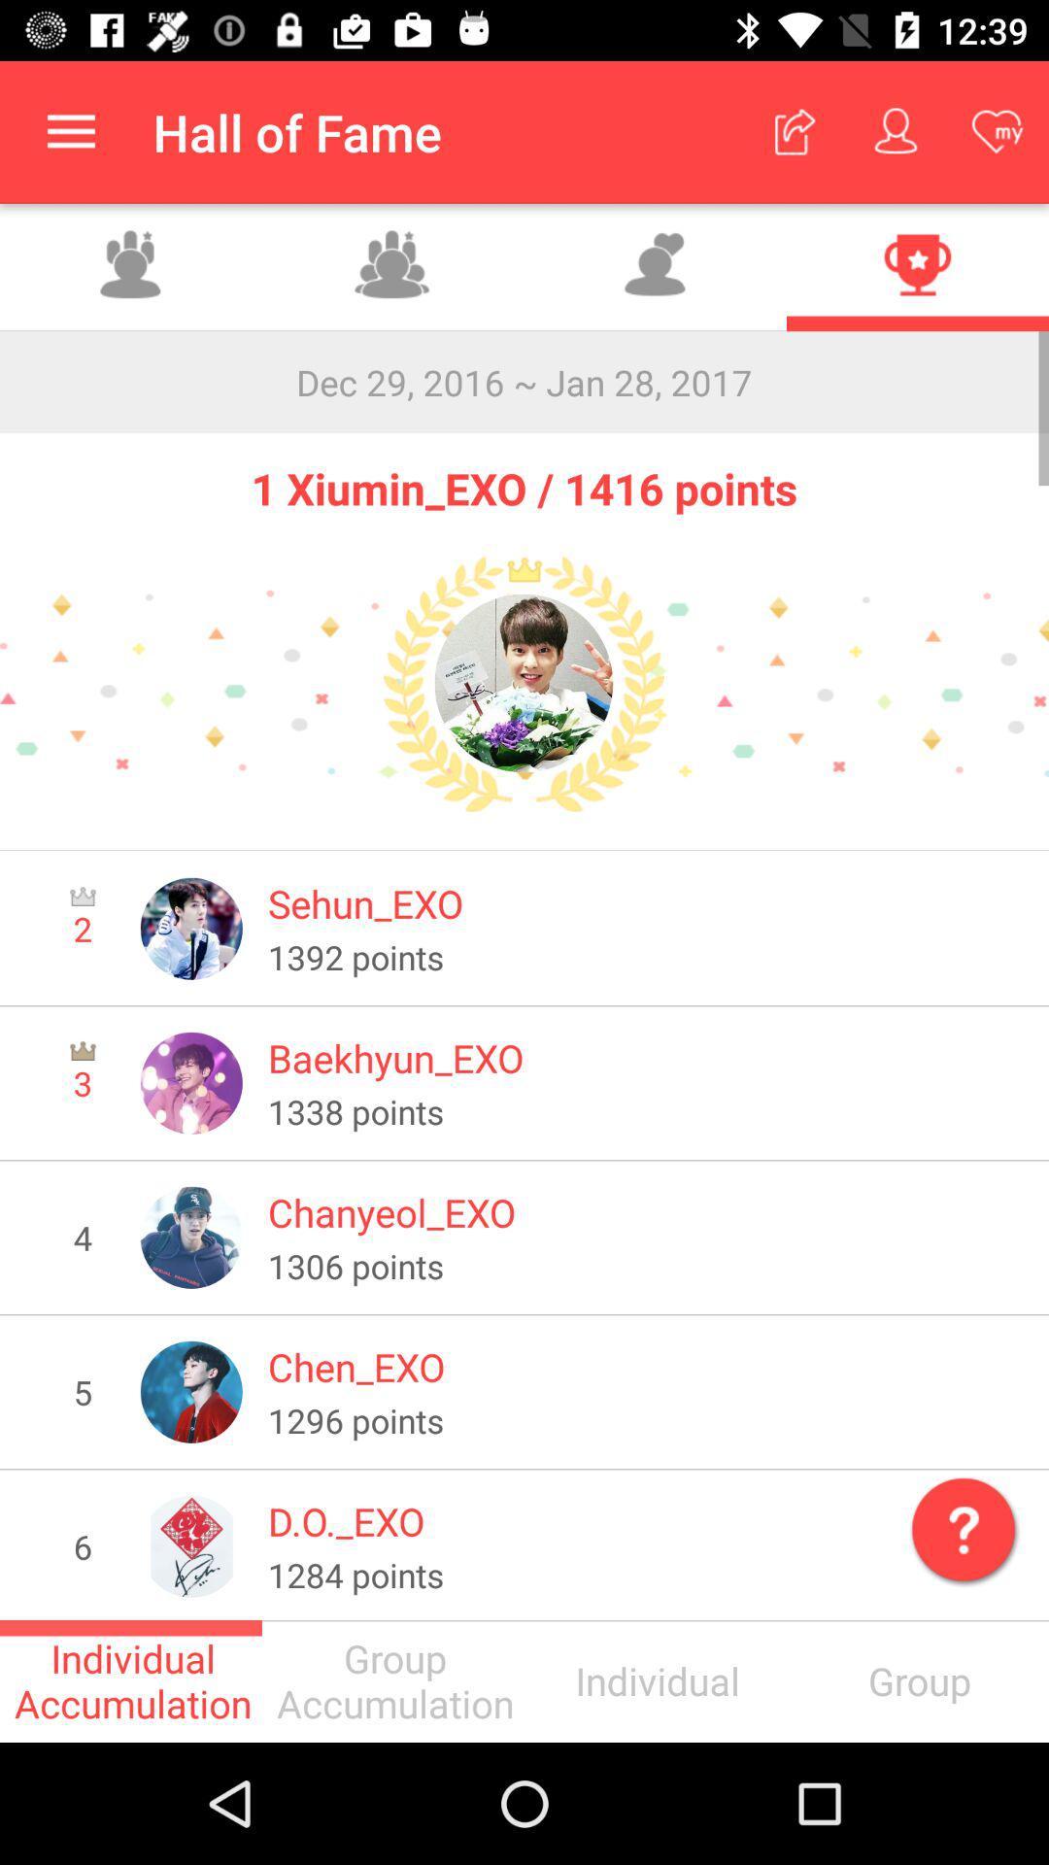 This screenshot has height=1865, width=1049. I want to click on the text left to group, so click(656, 1680).